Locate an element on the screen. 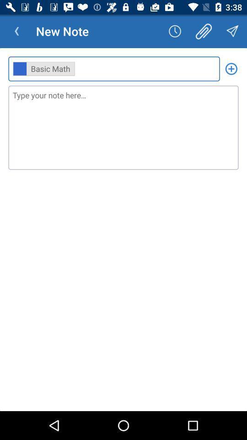  the icon below the ,,  item is located at coordinates (123, 127).